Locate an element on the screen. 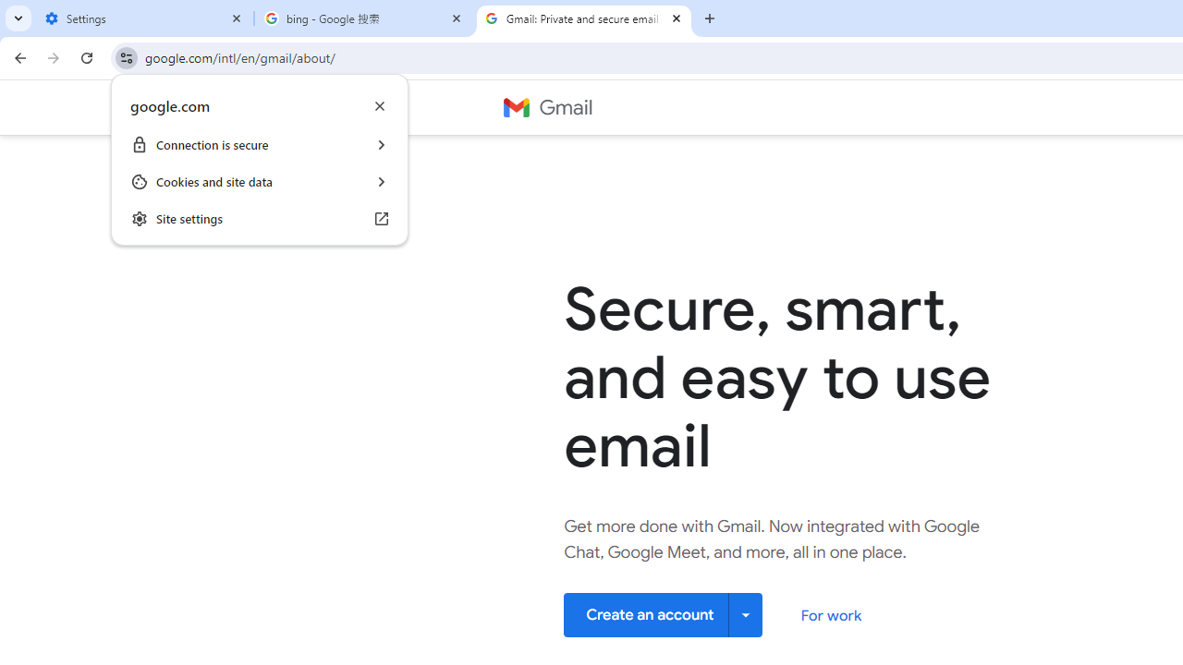 The width and height of the screenshot is (1183, 665). 'Create an account' is located at coordinates (664, 614).